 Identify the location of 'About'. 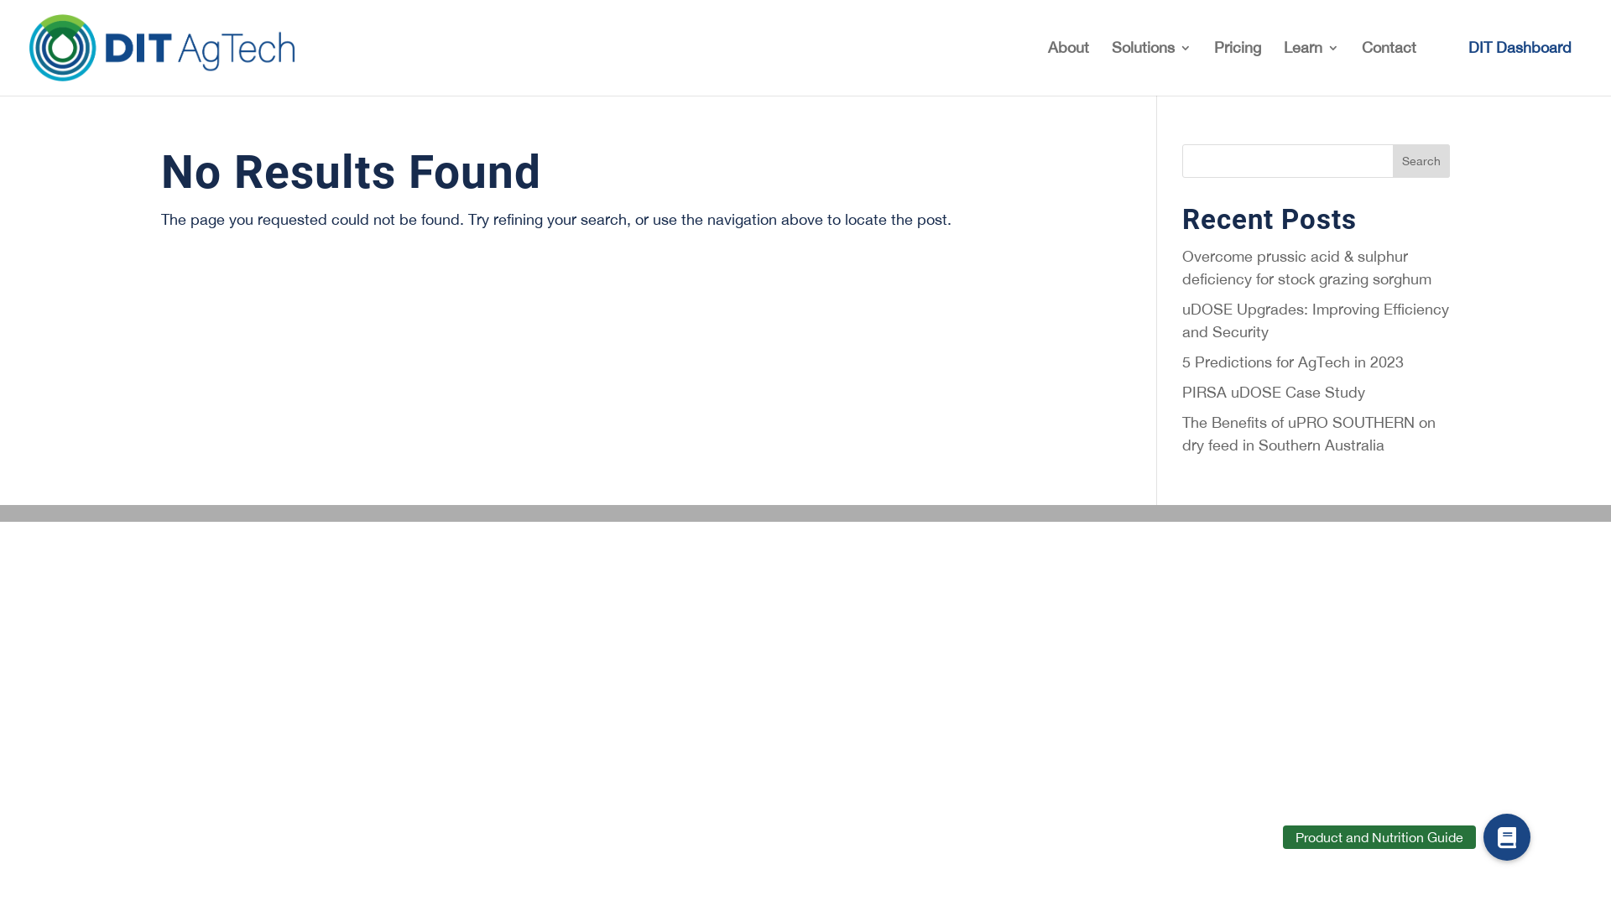
(1046, 67).